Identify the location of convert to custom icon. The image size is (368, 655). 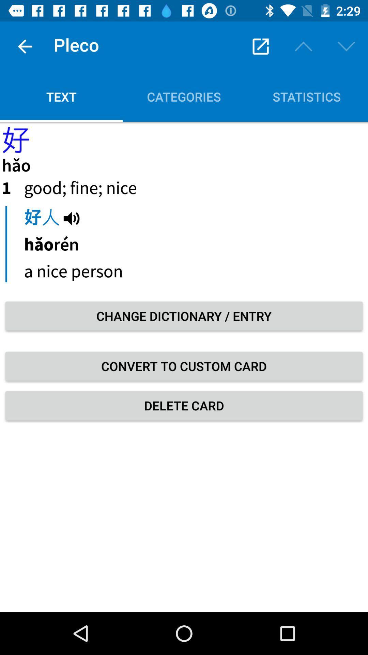
(184, 366).